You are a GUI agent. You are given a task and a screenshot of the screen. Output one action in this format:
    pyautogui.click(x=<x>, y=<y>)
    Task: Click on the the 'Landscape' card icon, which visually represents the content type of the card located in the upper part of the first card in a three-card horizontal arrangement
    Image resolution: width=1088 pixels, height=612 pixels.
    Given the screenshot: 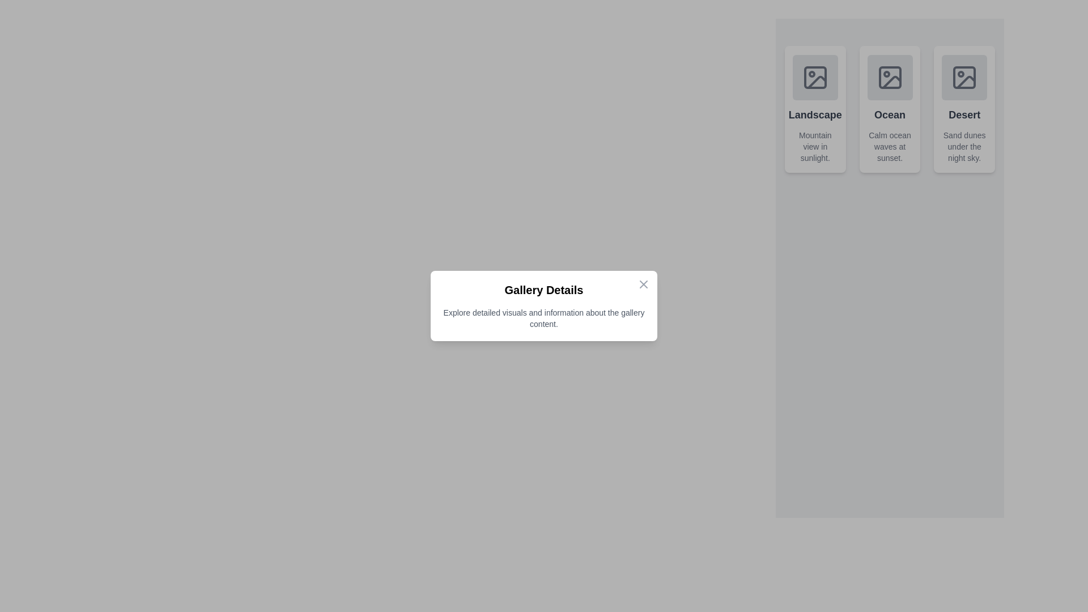 What is the action you would take?
    pyautogui.click(x=814, y=77)
    